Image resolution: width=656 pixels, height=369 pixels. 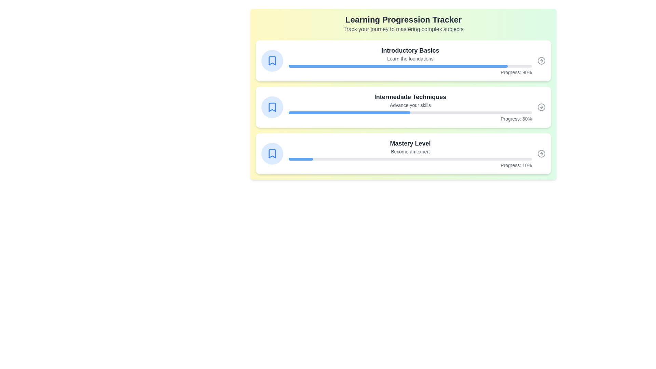 I want to click on the progress bar located below the text 'Become an expert' and 'Mastery Level', and above 'Progress: 10%', which is styled with a light gray background and a small blue filled portion indicating progress, so click(x=410, y=159).